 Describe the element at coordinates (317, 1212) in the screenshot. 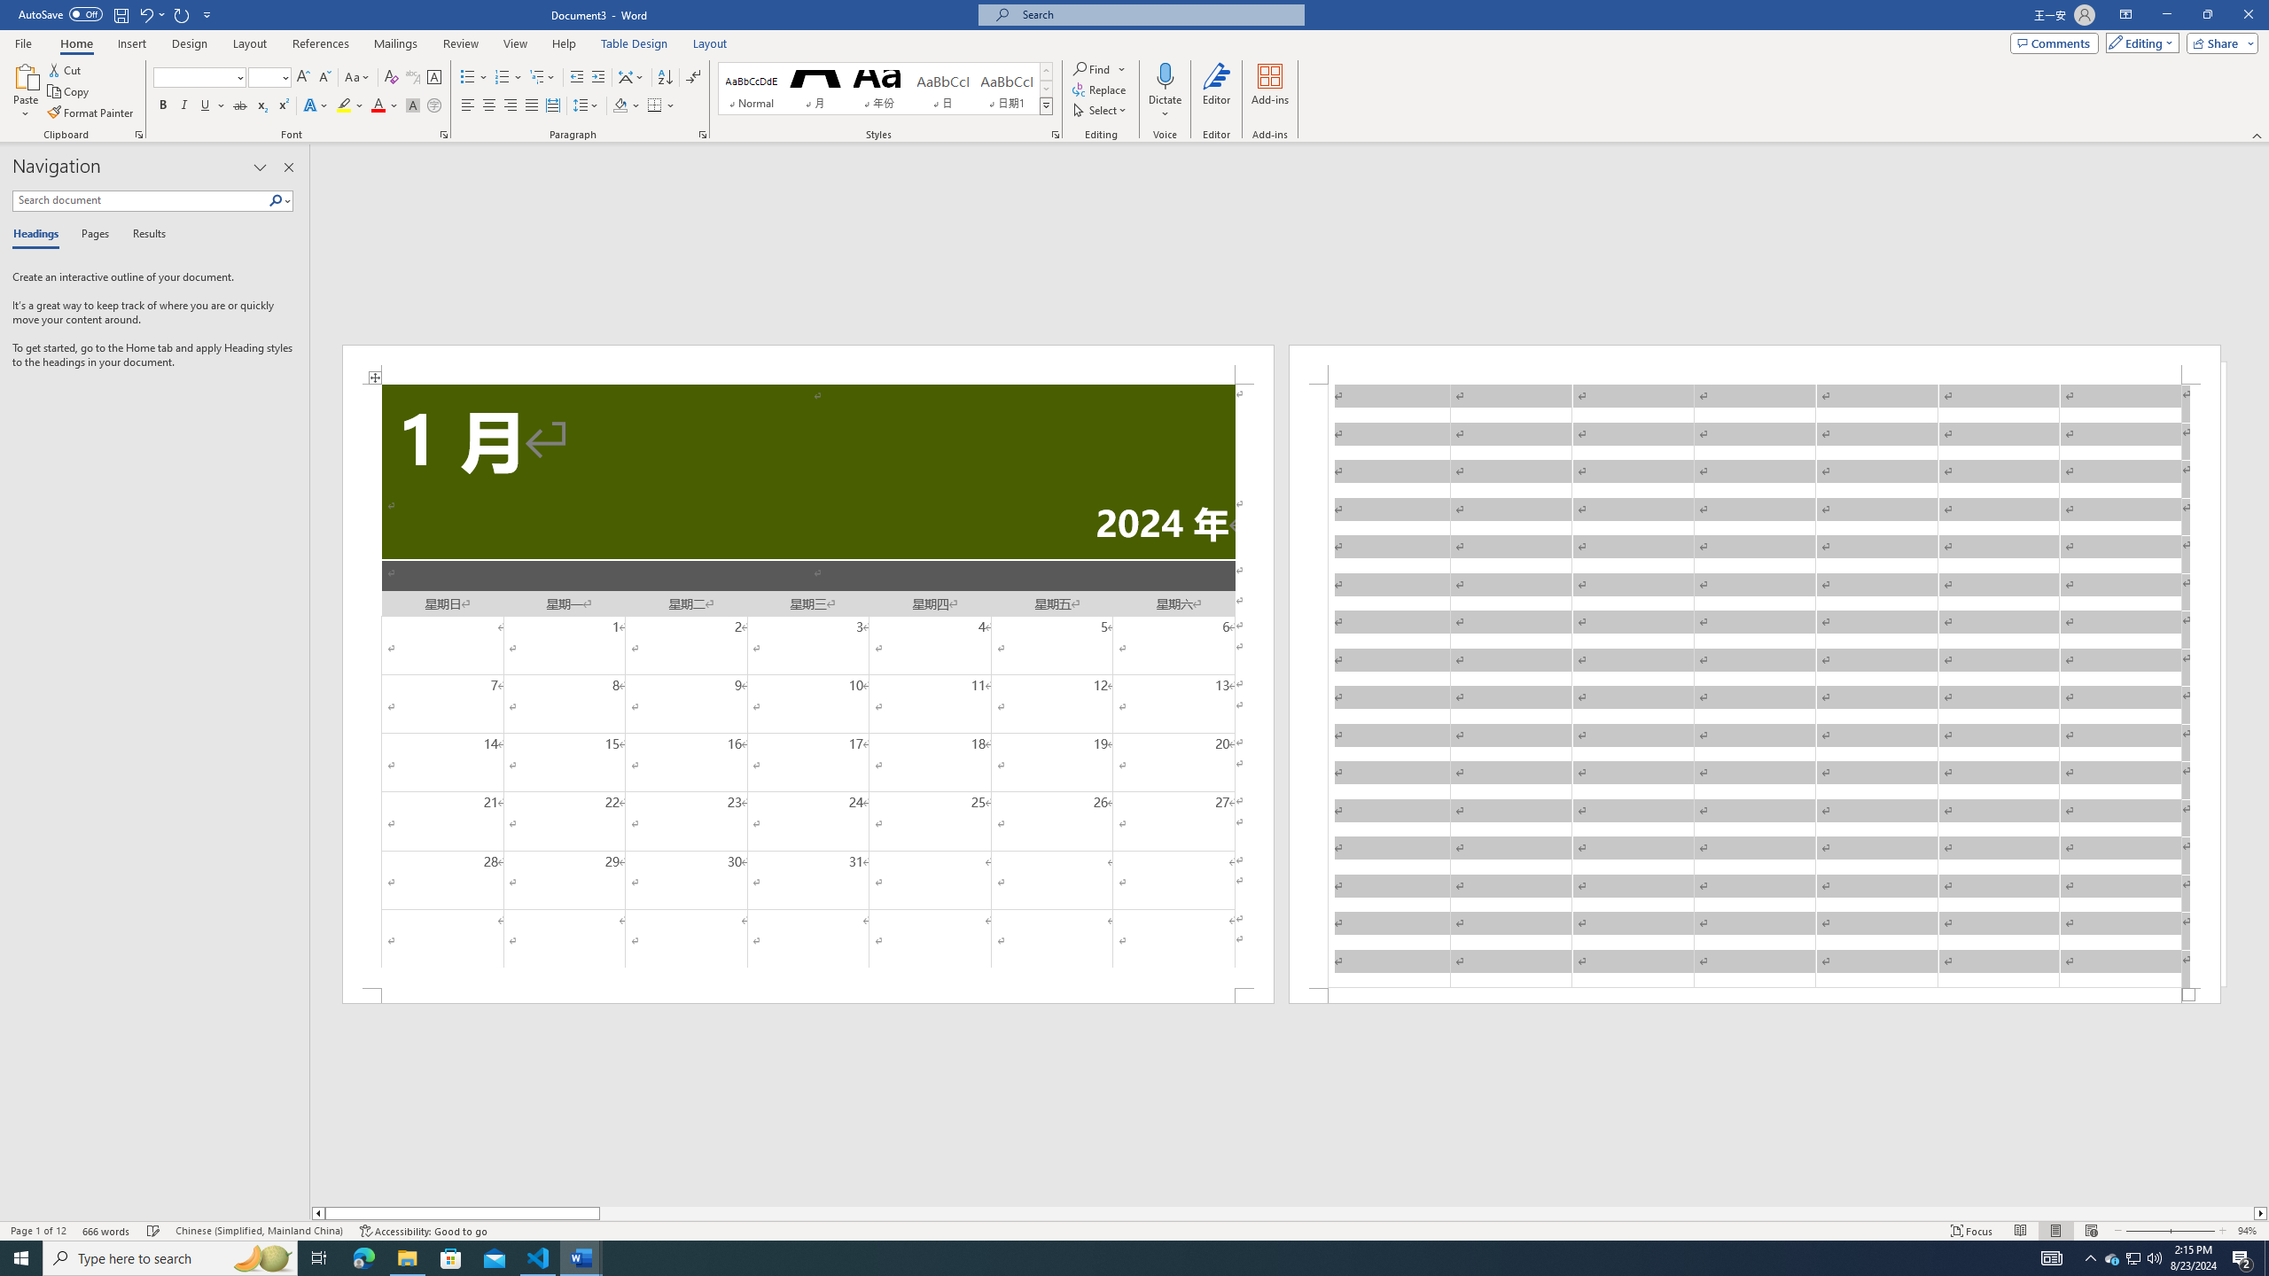

I see `'Column left'` at that location.